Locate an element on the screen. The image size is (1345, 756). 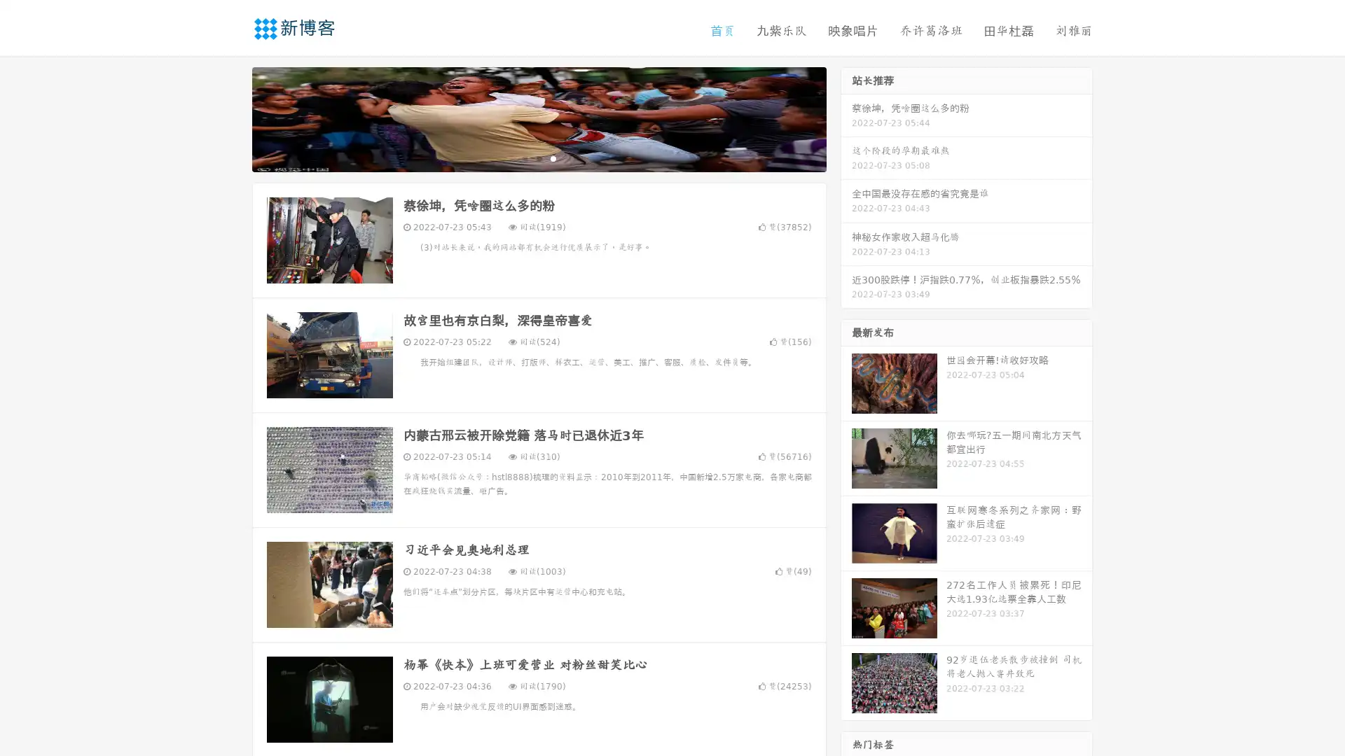
Go to slide 3 is located at coordinates (553, 157).